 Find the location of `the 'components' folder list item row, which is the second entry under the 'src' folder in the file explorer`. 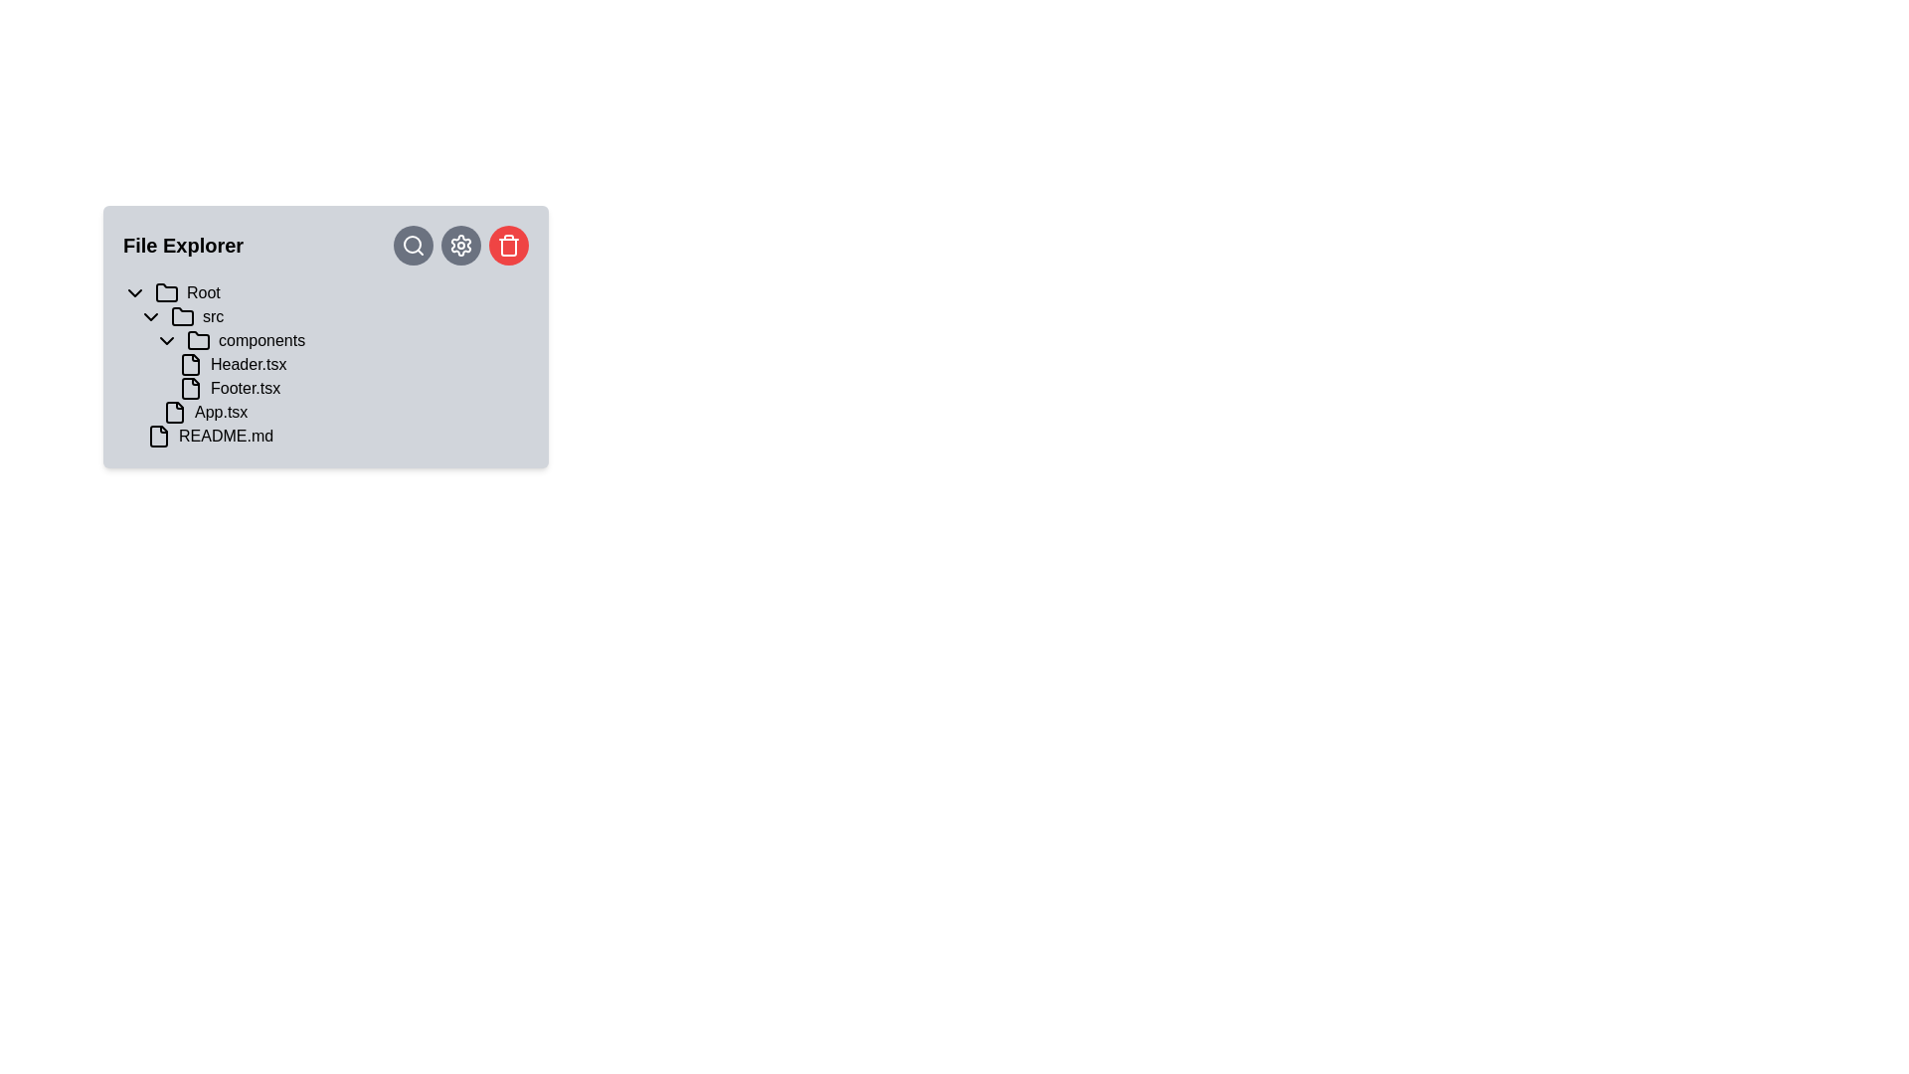

the 'components' folder list item row, which is the second entry under the 'src' folder in the file explorer is located at coordinates (342, 364).